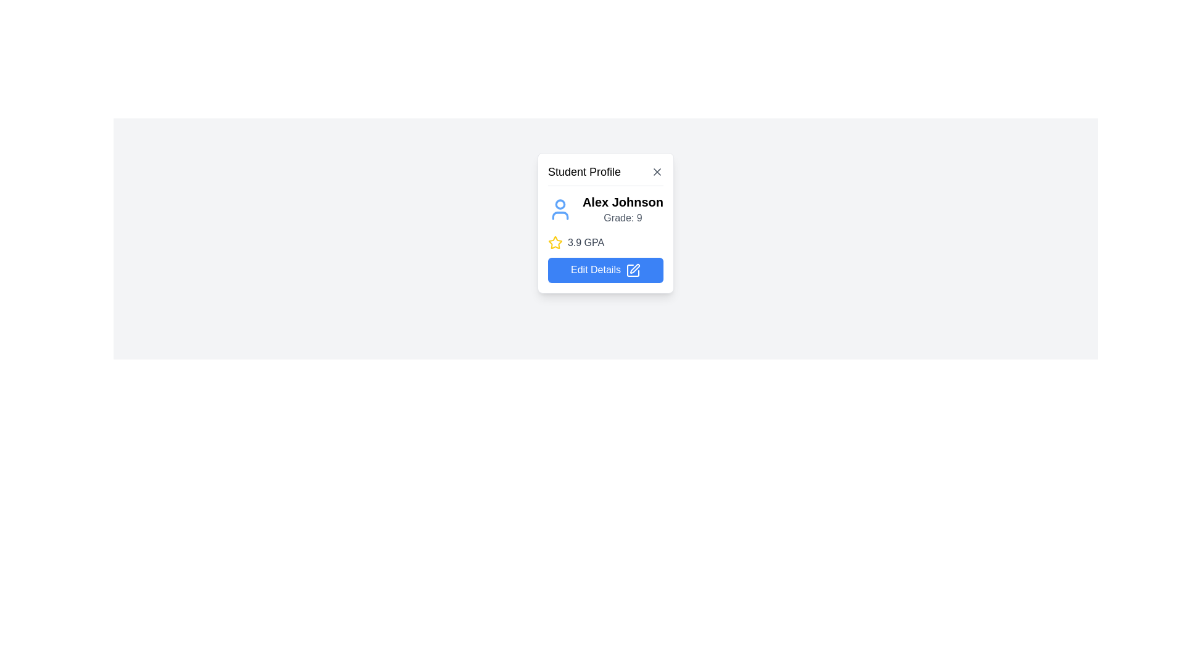  I want to click on GPA value displayed in the Text Label located within the 'Student Profile' card, which is positioned below the user's name and grade, and to the right of a yellow star icon, so click(585, 242).